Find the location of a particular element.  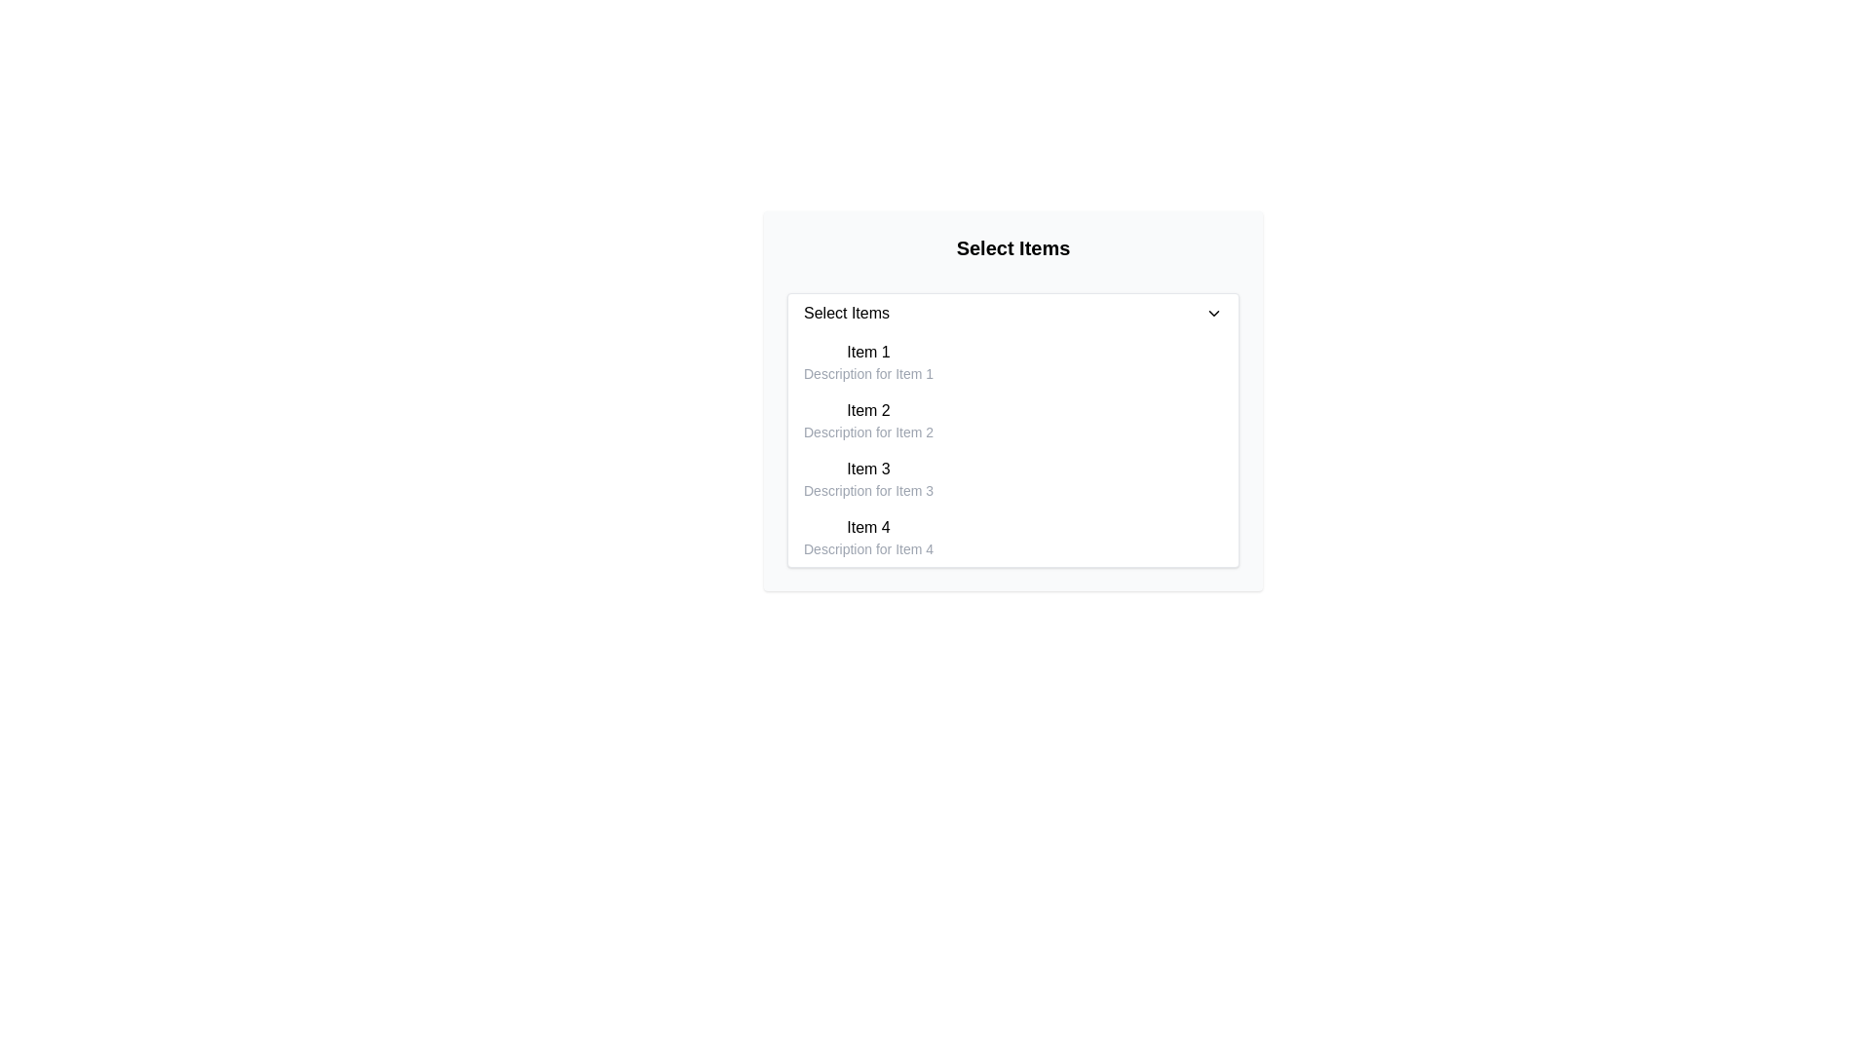

the fourth item in the dropdown menu that represents the selectable option 'Item 4' is located at coordinates (867, 537).